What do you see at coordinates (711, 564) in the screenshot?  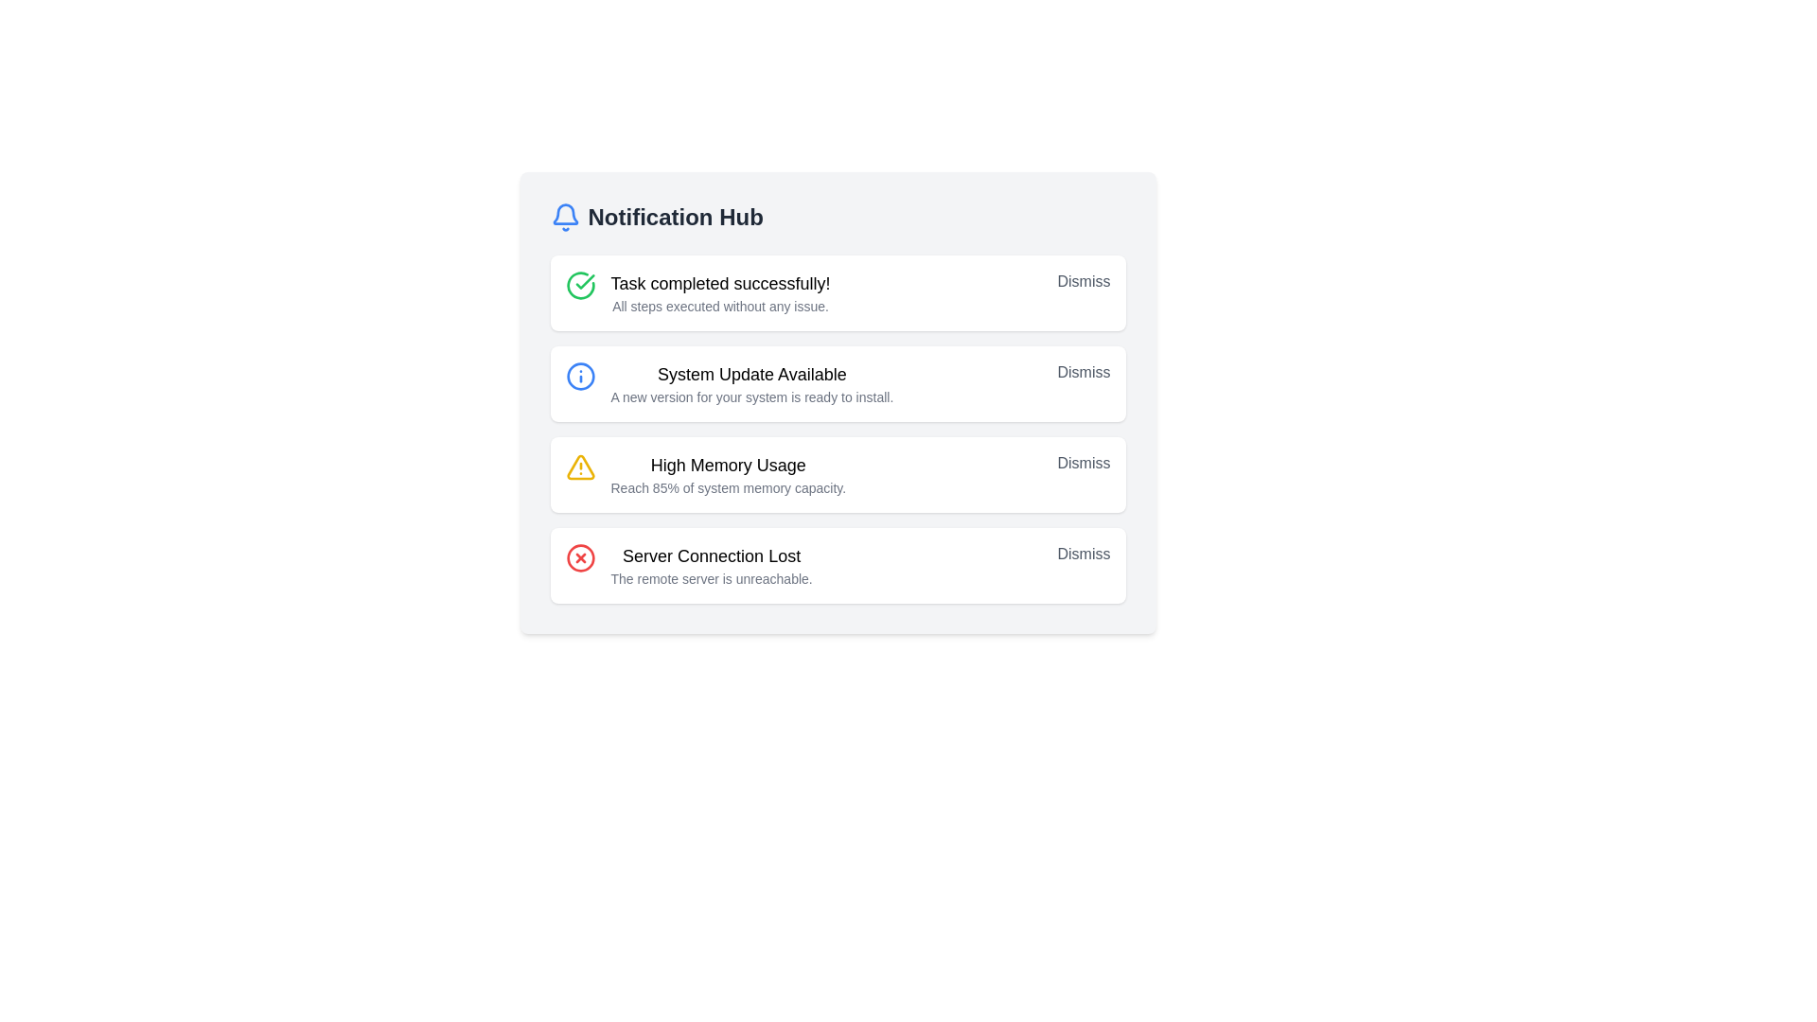 I see `the Notification message indicating a server connection issue, which is the last item in the notification panel, positioned below the 'High Memory Usage' notification` at bounding box center [711, 564].